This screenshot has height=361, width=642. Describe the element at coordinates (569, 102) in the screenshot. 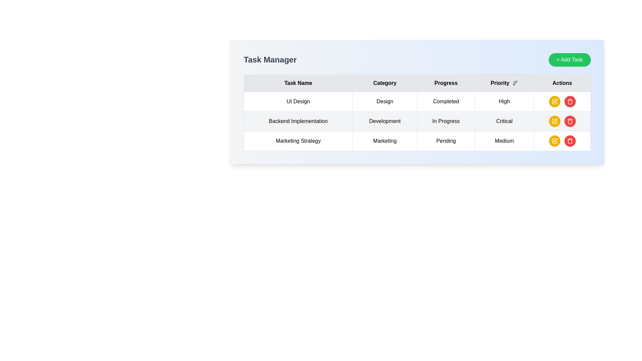

I see `the delete button in the 'Actions' column of the first row of the table` at that location.